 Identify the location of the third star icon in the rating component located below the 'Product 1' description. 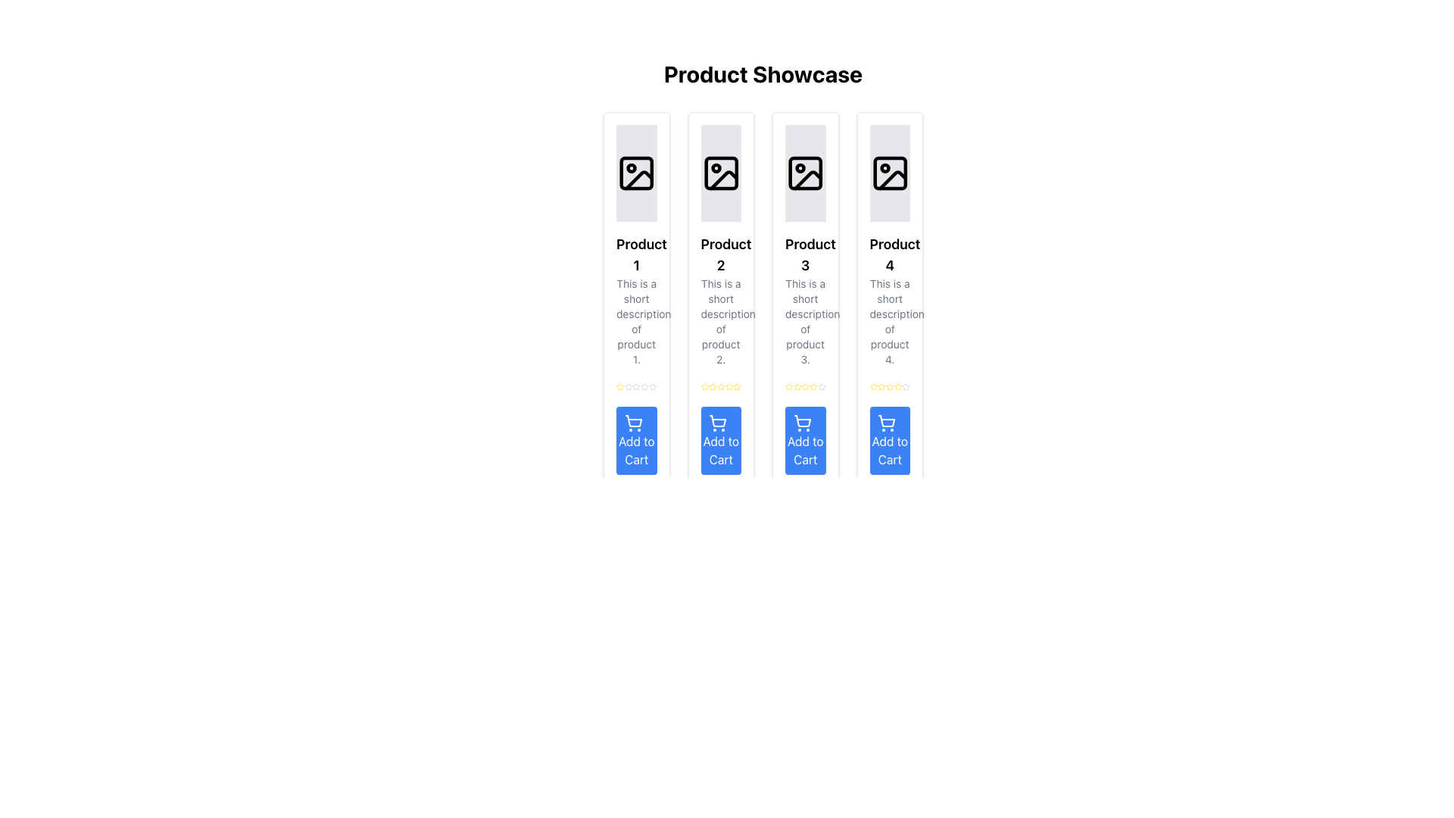
(629, 386).